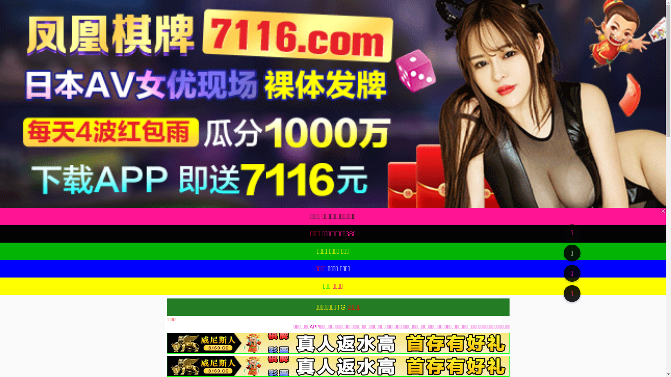 The image size is (671, 377). What do you see at coordinates (572, 273) in the screenshot?
I see `'91TV'` at bounding box center [572, 273].